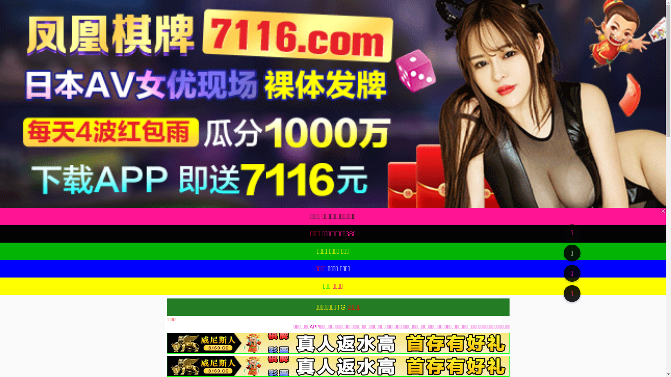 The image size is (671, 377). What do you see at coordinates (572, 273) in the screenshot?
I see `'91TV'` at bounding box center [572, 273].